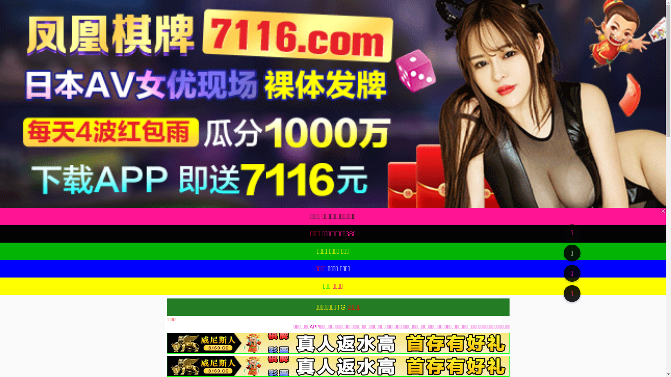 The image size is (671, 377). What do you see at coordinates (572, 273) in the screenshot?
I see `'91TV'` at bounding box center [572, 273].